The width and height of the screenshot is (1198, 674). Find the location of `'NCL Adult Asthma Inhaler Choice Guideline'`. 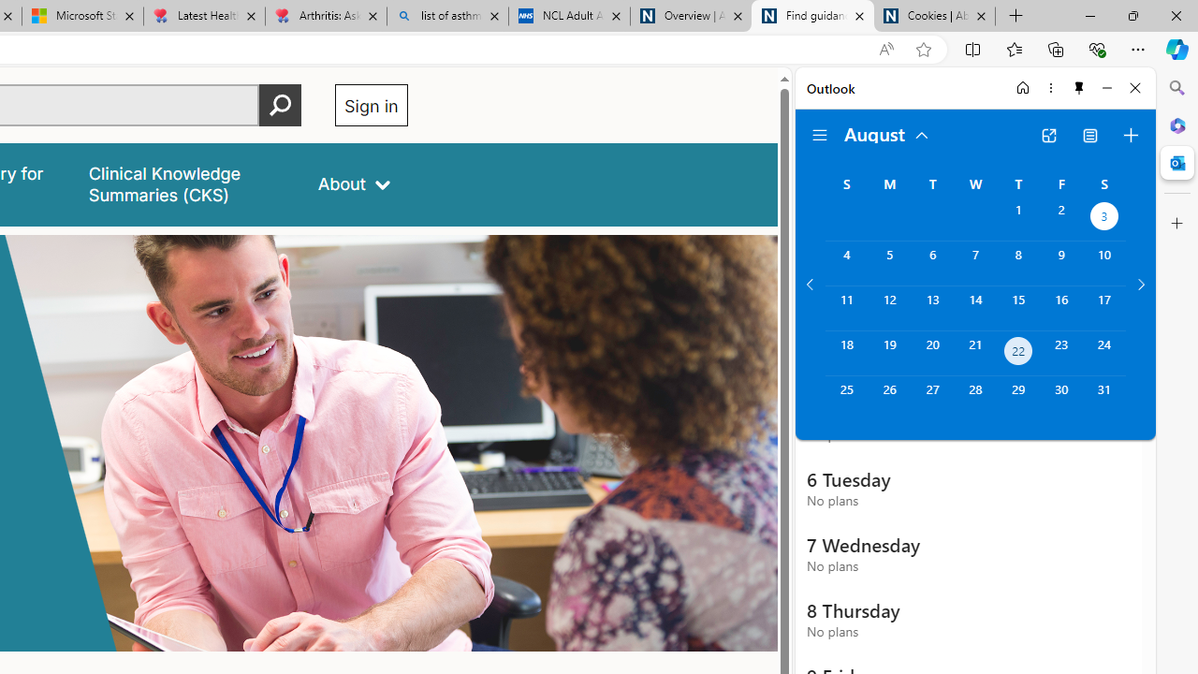

'NCL Adult Asthma Inhaler Choice Guideline' is located at coordinates (568, 16).